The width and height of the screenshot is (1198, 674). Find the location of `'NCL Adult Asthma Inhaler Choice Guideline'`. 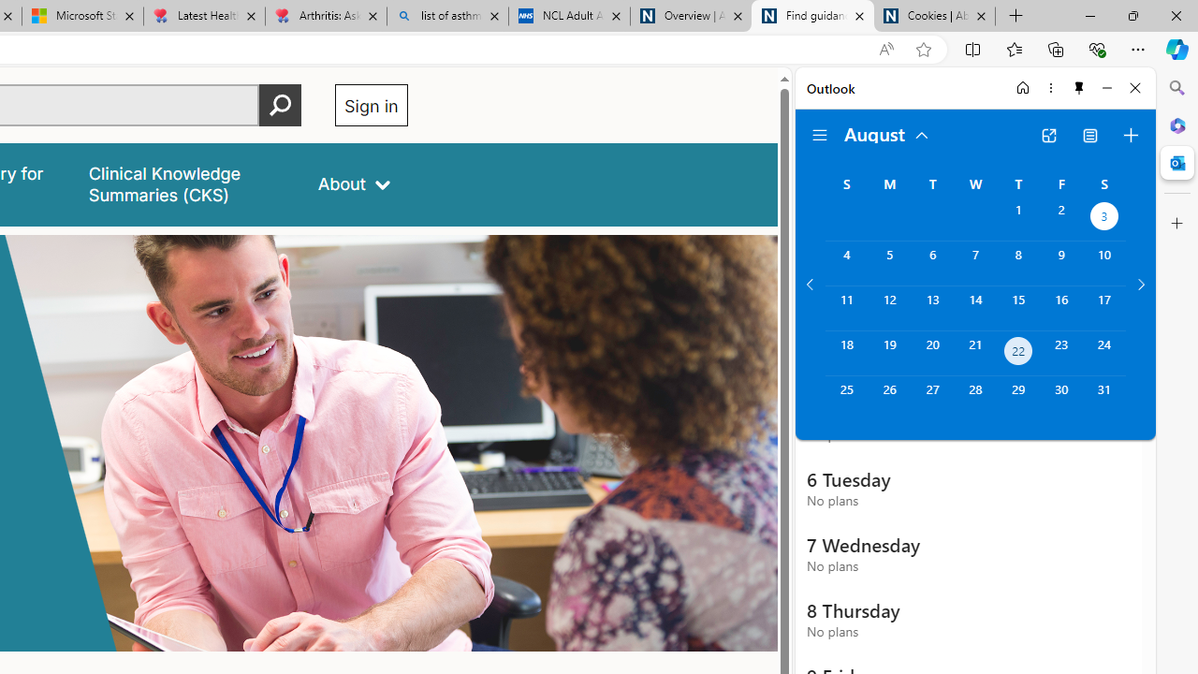

'NCL Adult Asthma Inhaler Choice Guideline' is located at coordinates (568, 16).